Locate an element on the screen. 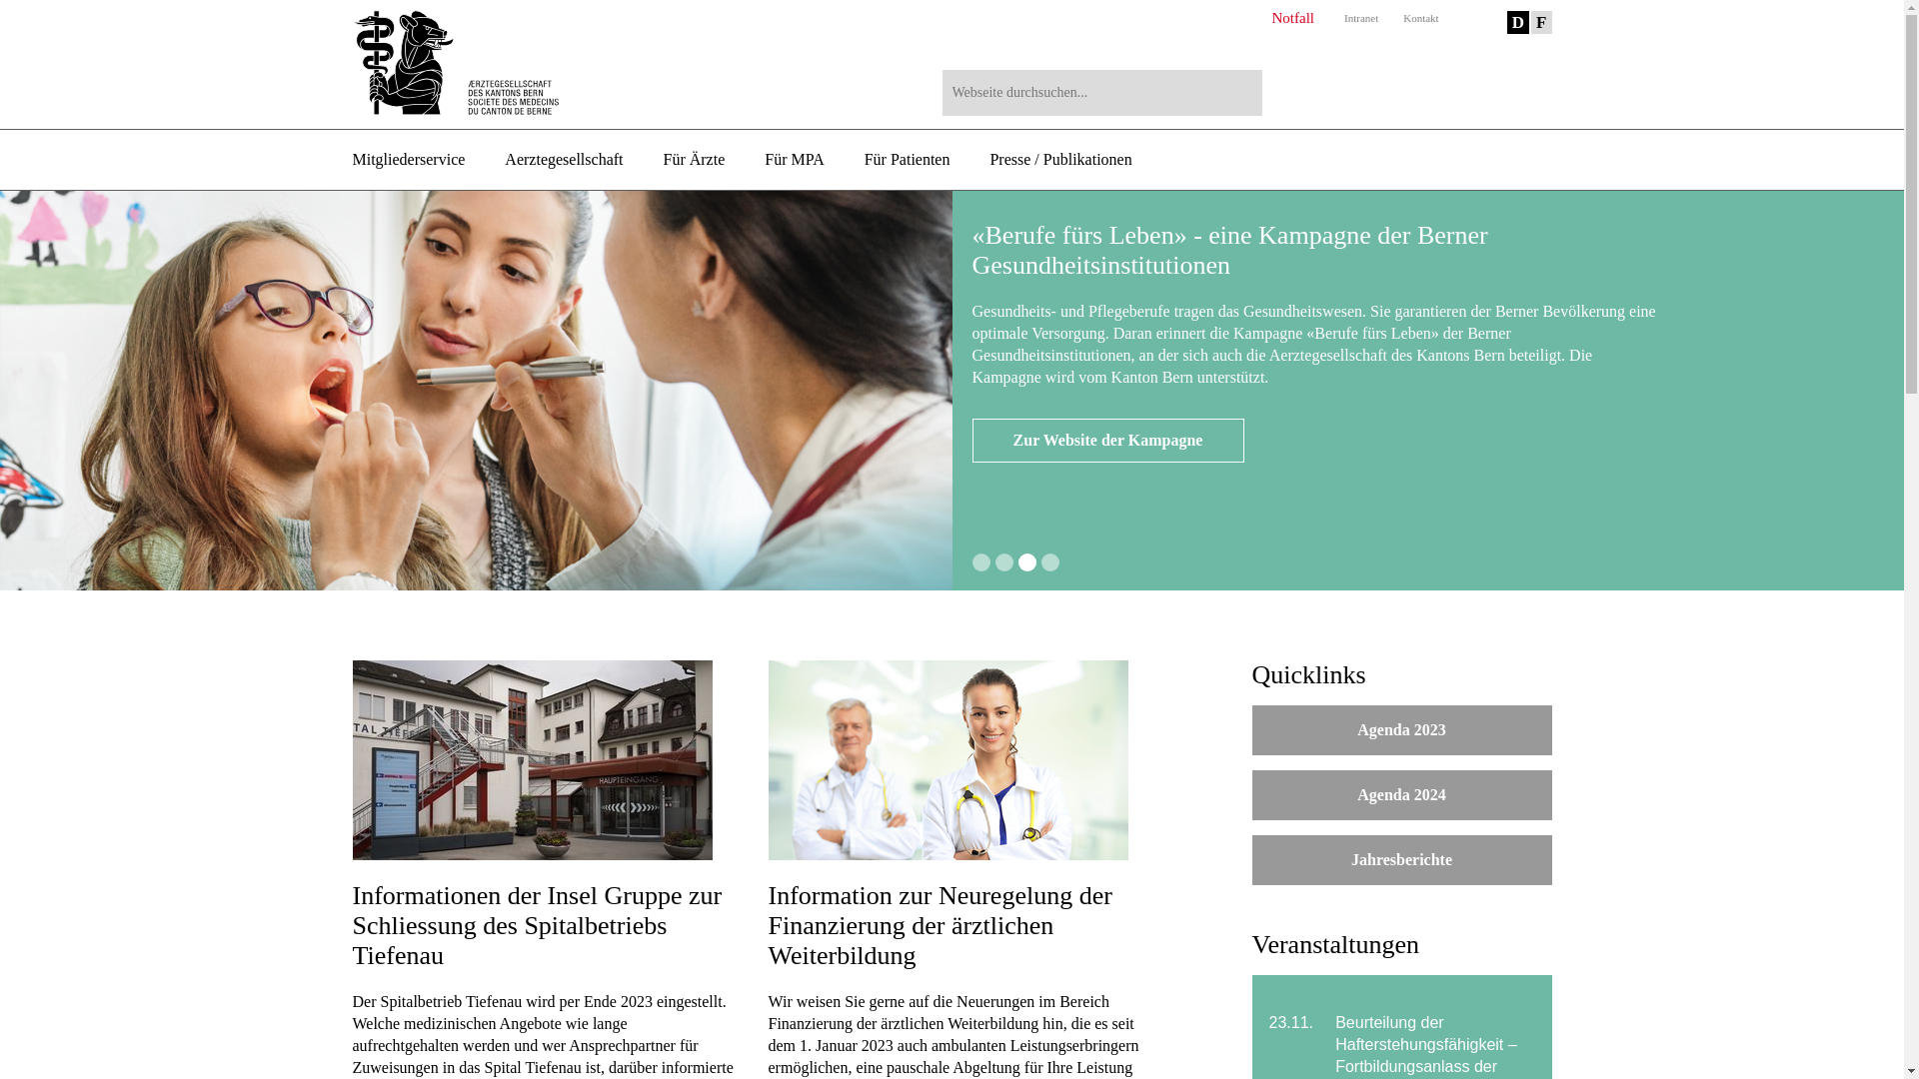 The width and height of the screenshot is (1919, 1079). '23.11.' is located at coordinates (1294, 1022).